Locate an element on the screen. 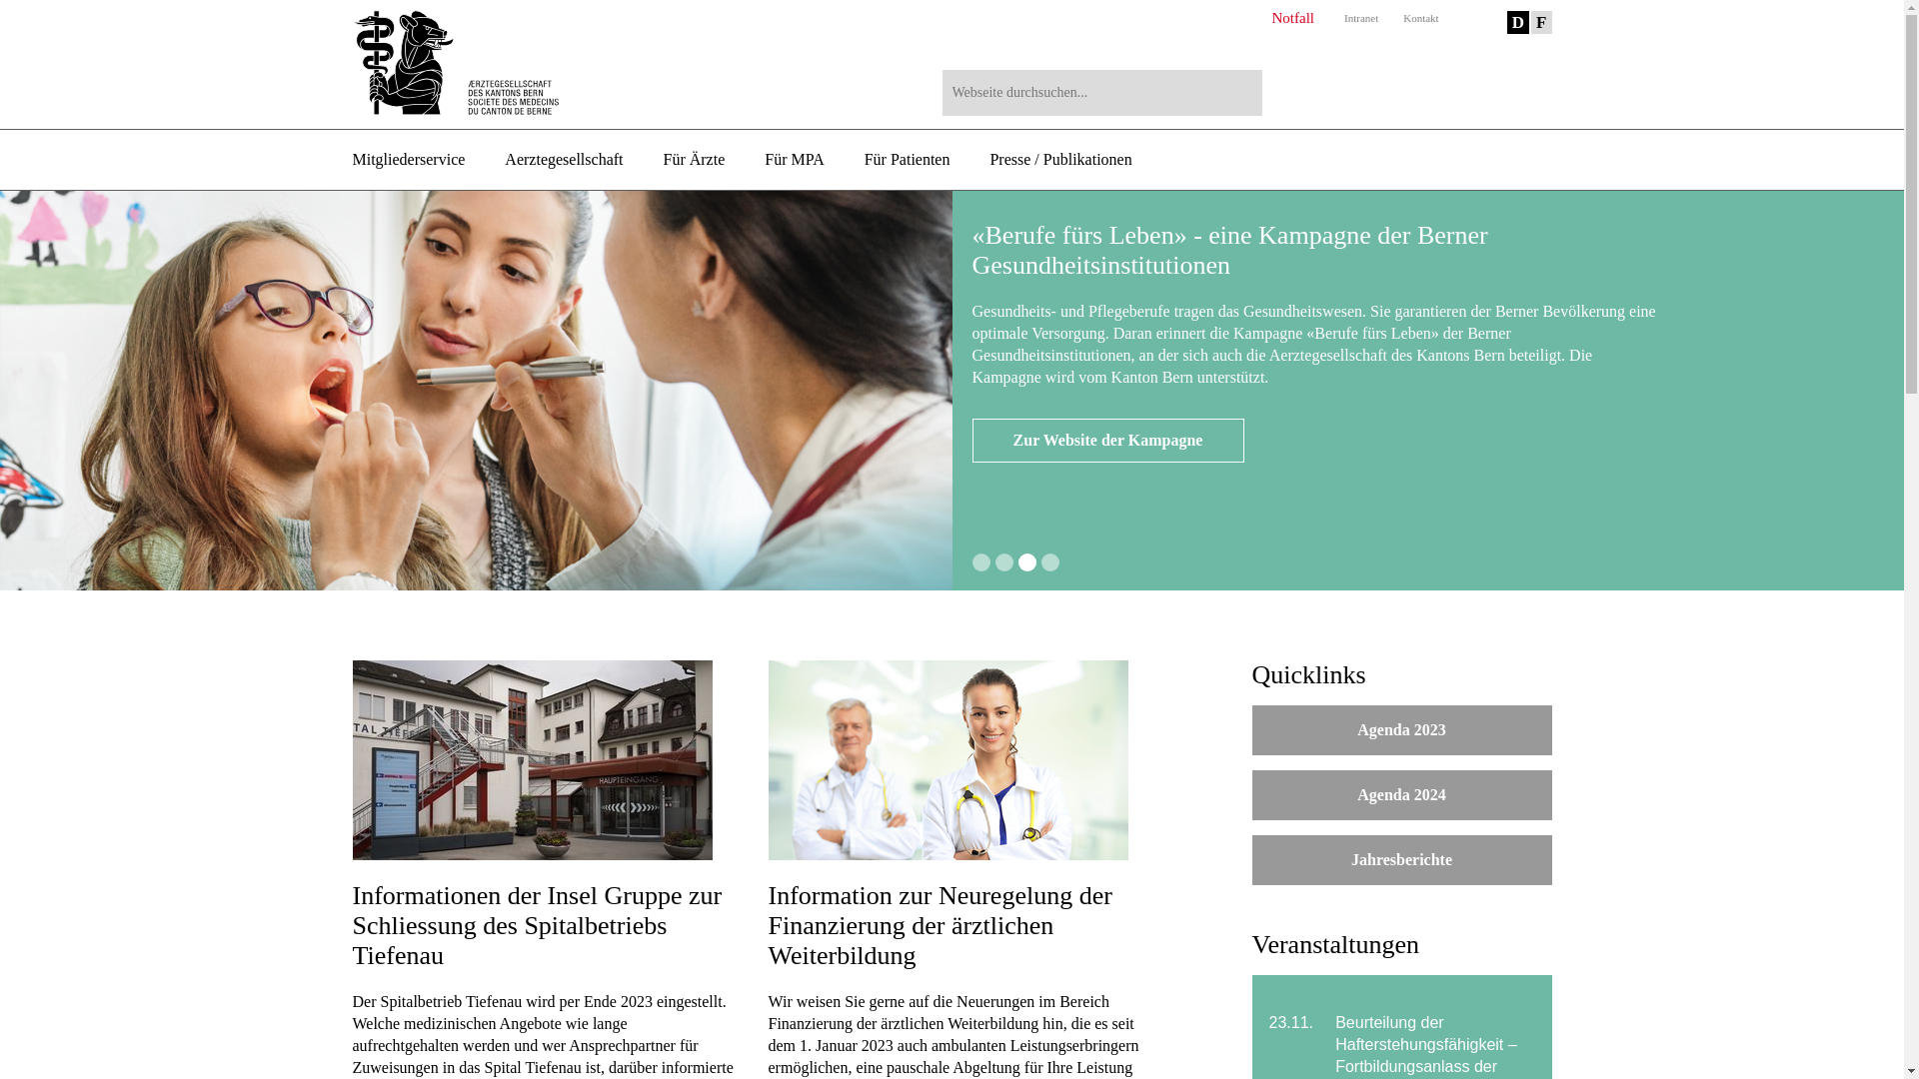 The width and height of the screenshot is (1919, 1079). '23.11.' is located at coordinates (1294, 1022).